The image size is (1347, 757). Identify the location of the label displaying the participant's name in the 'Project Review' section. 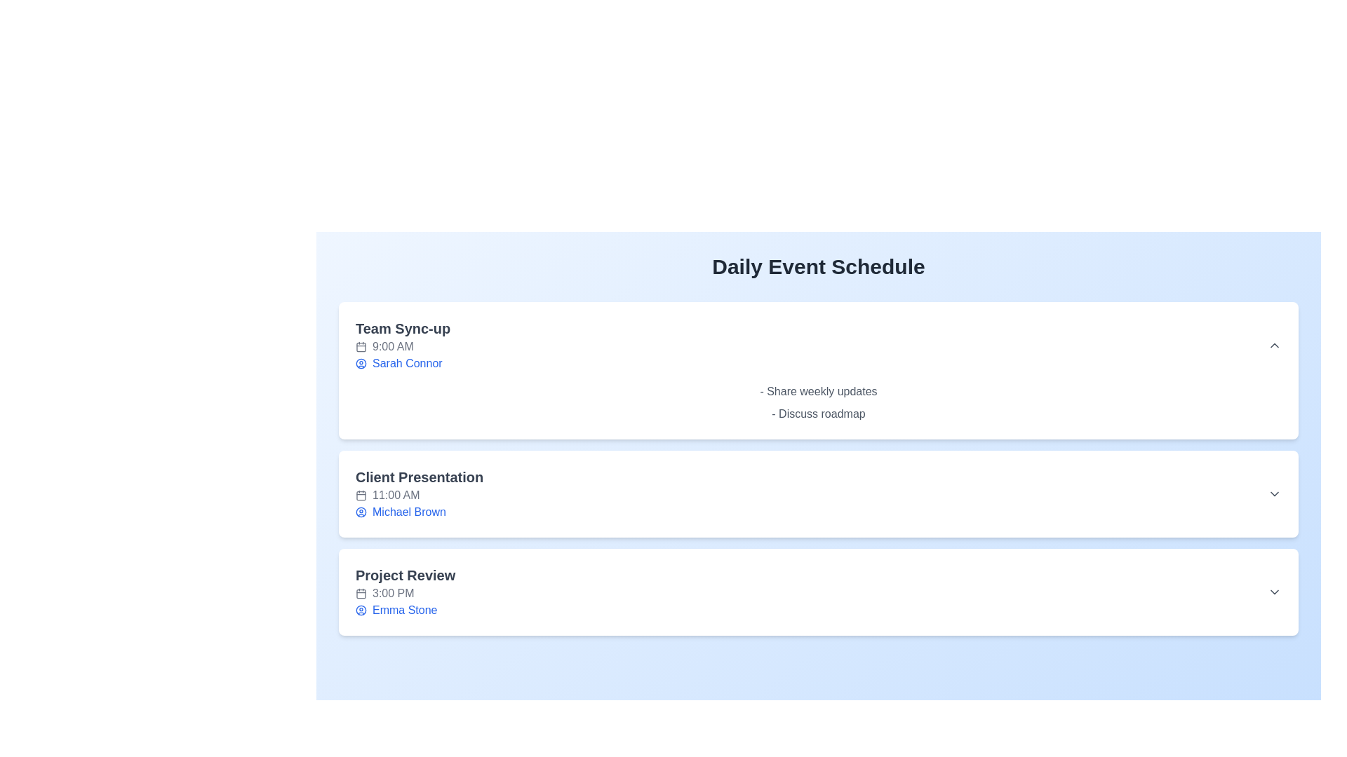
(404, 610).